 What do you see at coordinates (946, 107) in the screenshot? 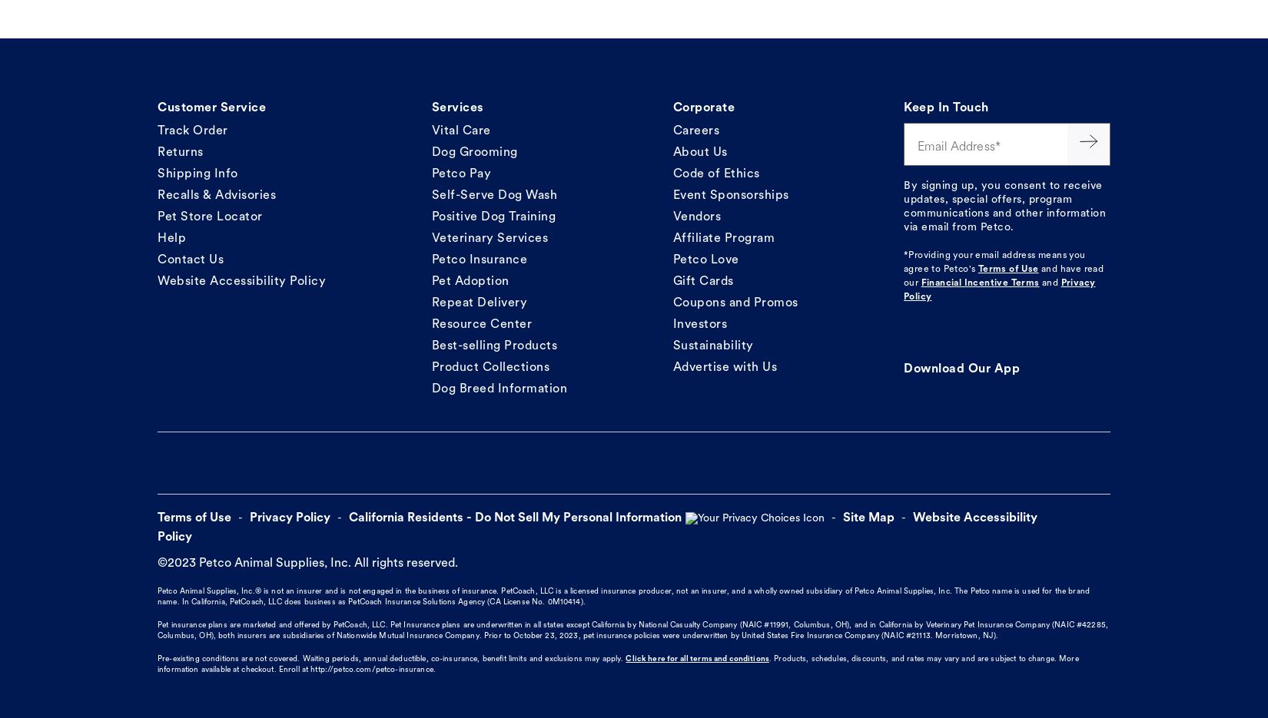
I see `'Keep In Touch'` at bounding box center [946, 107].